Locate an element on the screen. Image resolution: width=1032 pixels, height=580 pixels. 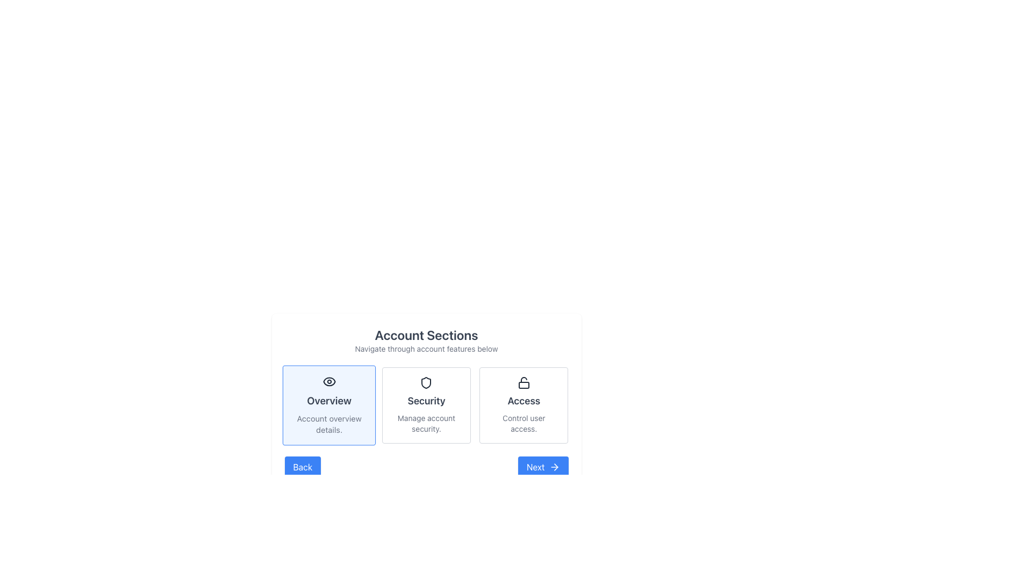
the text label header displaying 'Account Sections' which is centrally aligned at the top of the card layout is located at coordinates (426, 340).